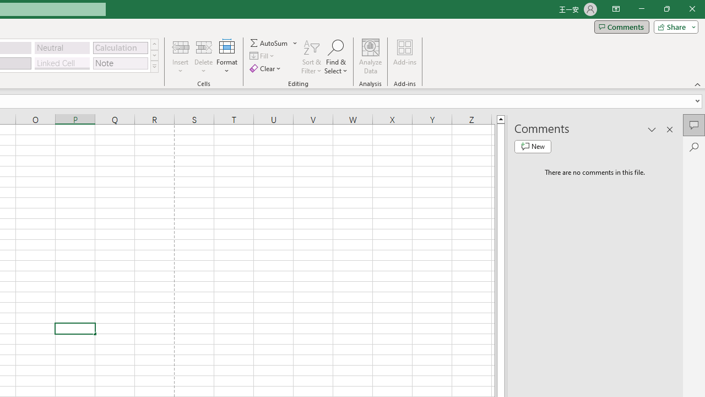  Describe the element at coordinates (335, 57) in the screenshot. I see `'Find & Select'` at that location.